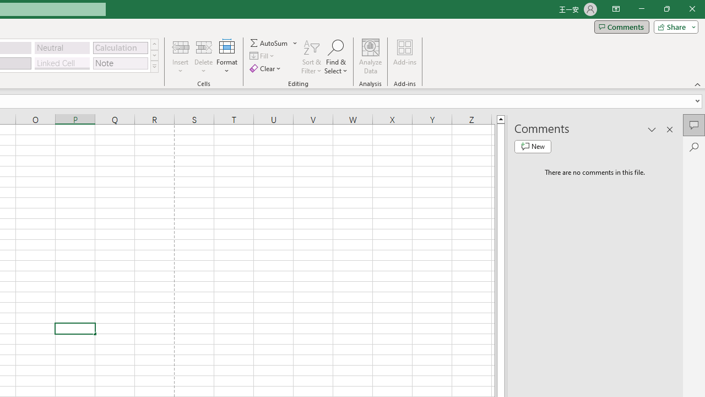  Describe the element at coordinates (335, 57) in the screenshot. I see `'Find & Select'` at that location.